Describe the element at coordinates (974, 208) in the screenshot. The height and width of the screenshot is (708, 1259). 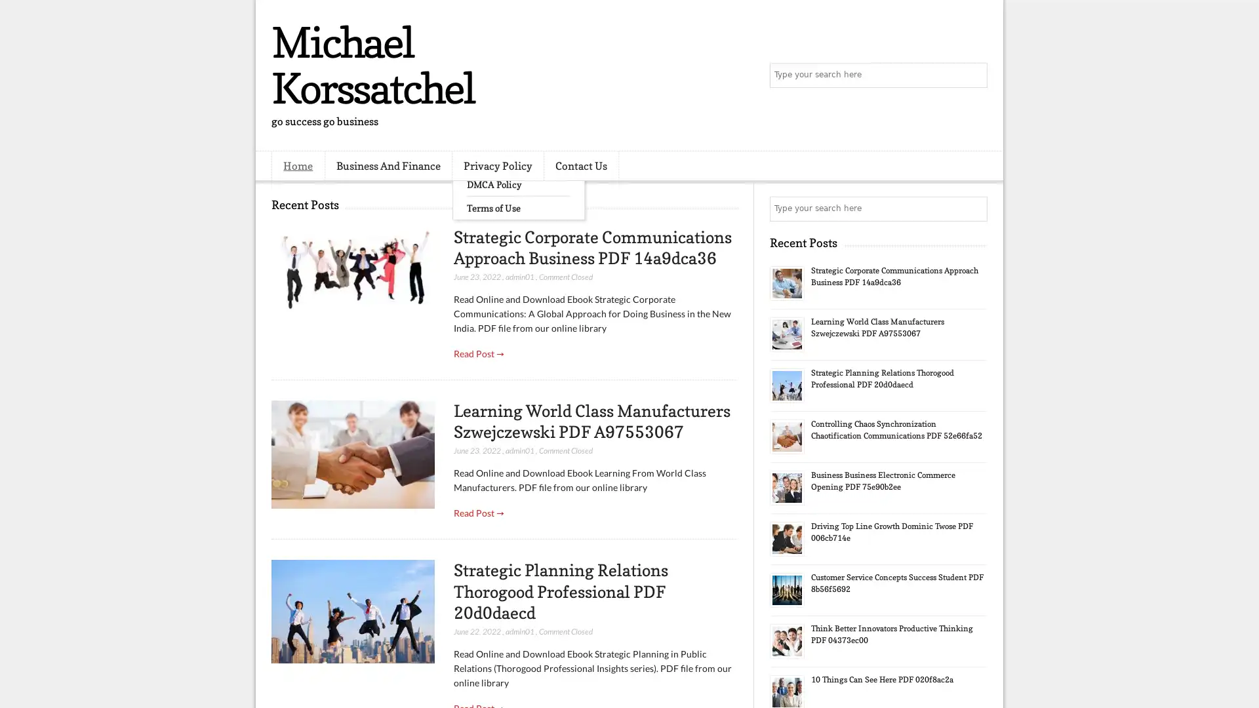
I see `Search` at that location.